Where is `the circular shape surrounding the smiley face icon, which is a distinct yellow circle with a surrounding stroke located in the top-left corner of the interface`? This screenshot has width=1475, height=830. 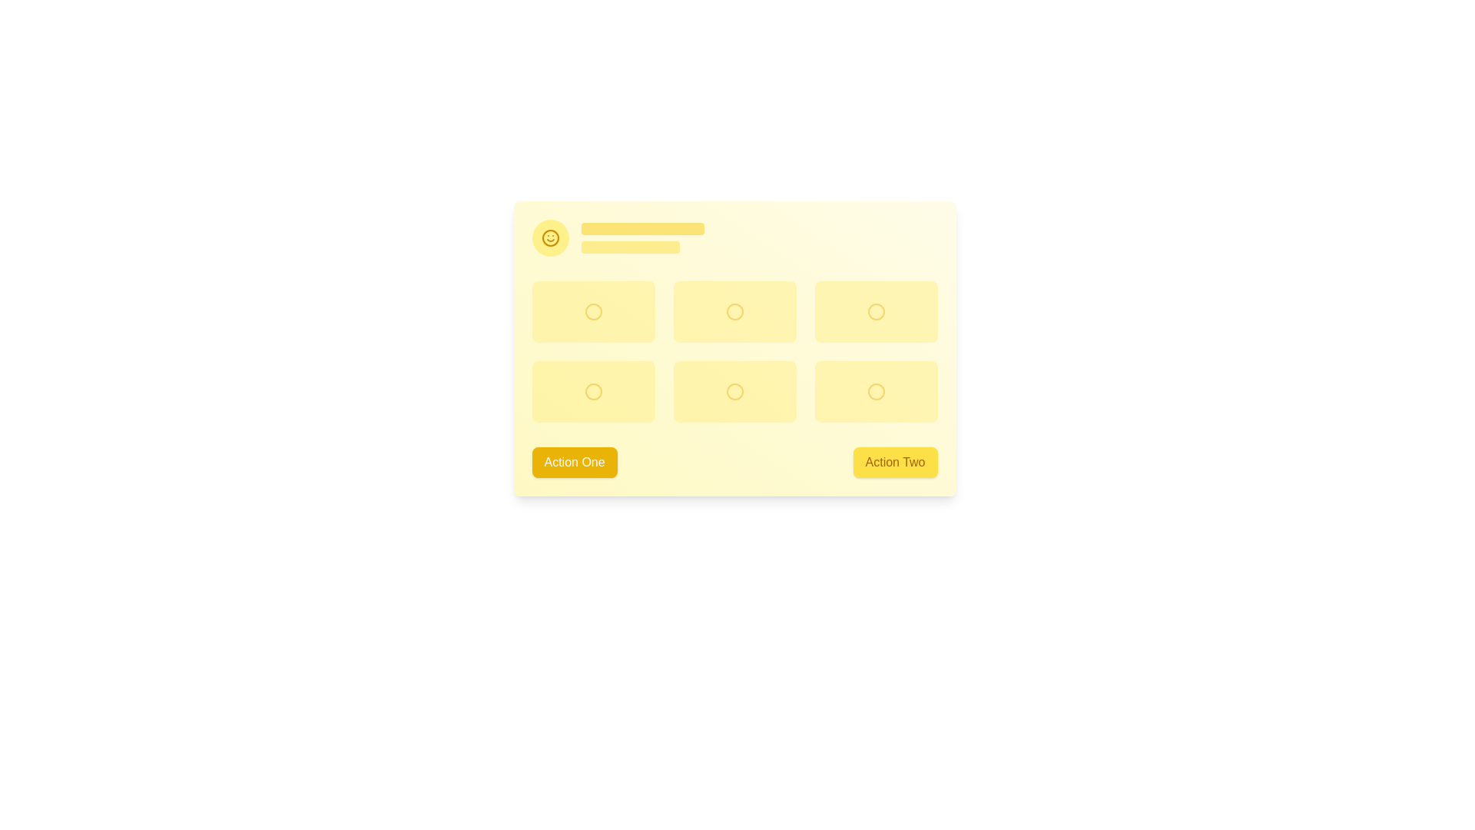 the circular shape surrounding the smiley face icon, which is a distinct yellow circle with a surrounding stroke located in the top-left corner of the interface is located at coordinates (550, 237).